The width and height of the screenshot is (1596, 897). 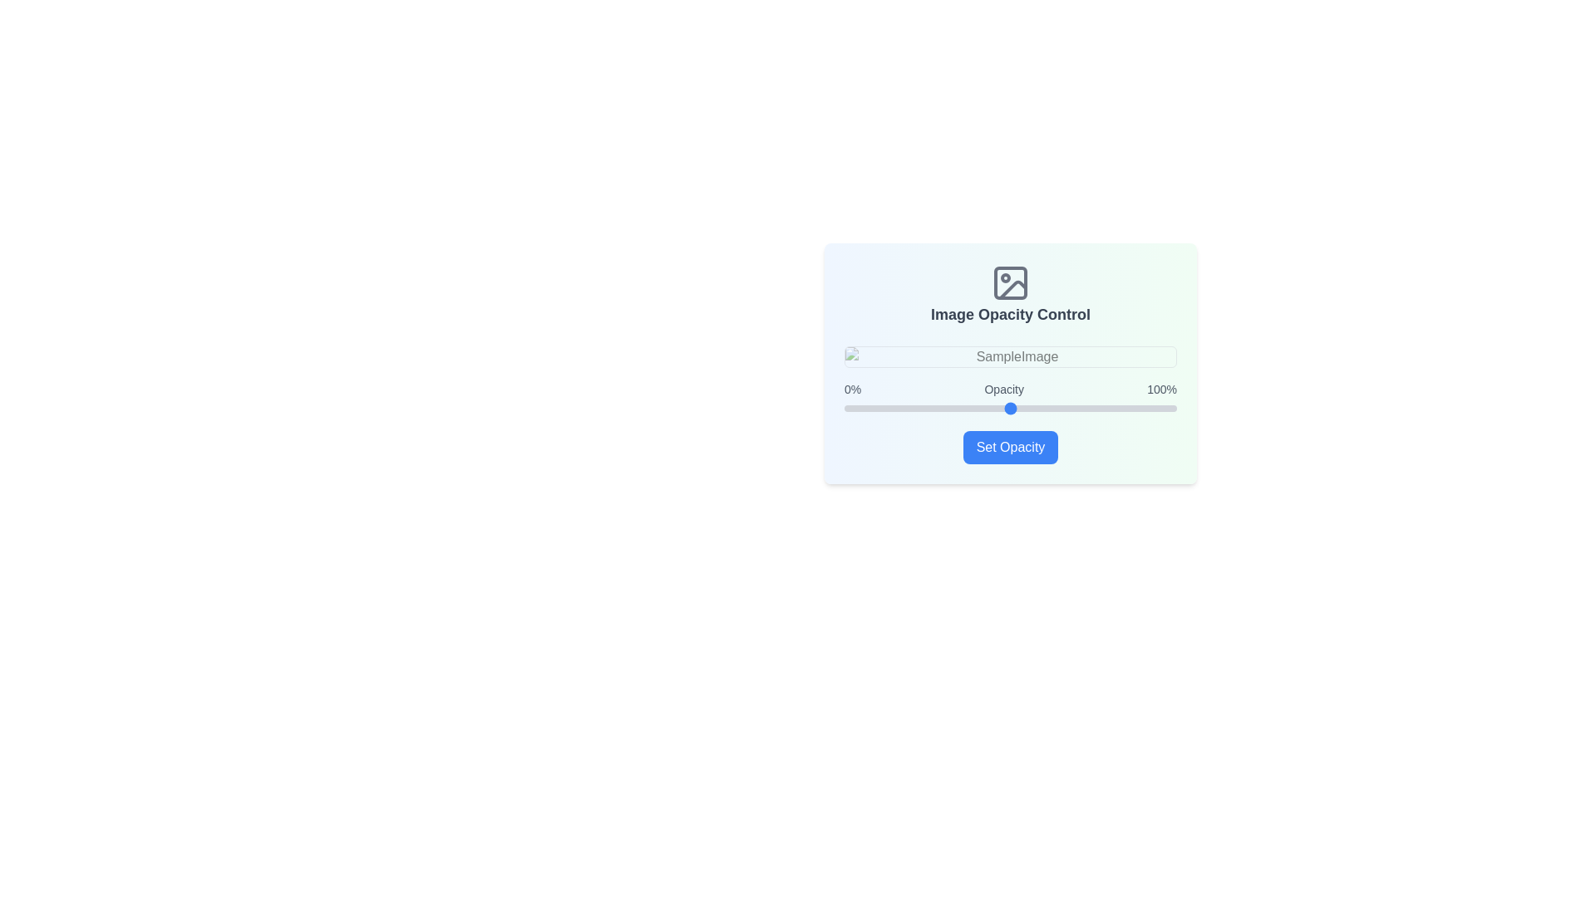 I want to click on the slider to set the opacity to 13%, so click(x=887, y=409).